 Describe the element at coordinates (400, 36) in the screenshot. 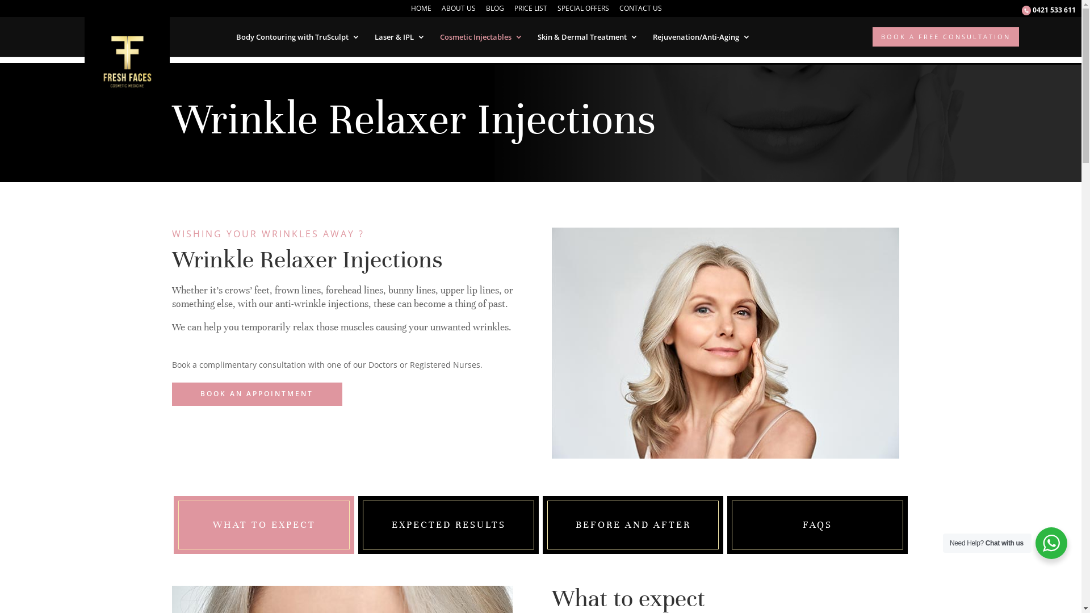

I see `'Laser & IPL'` at that location.